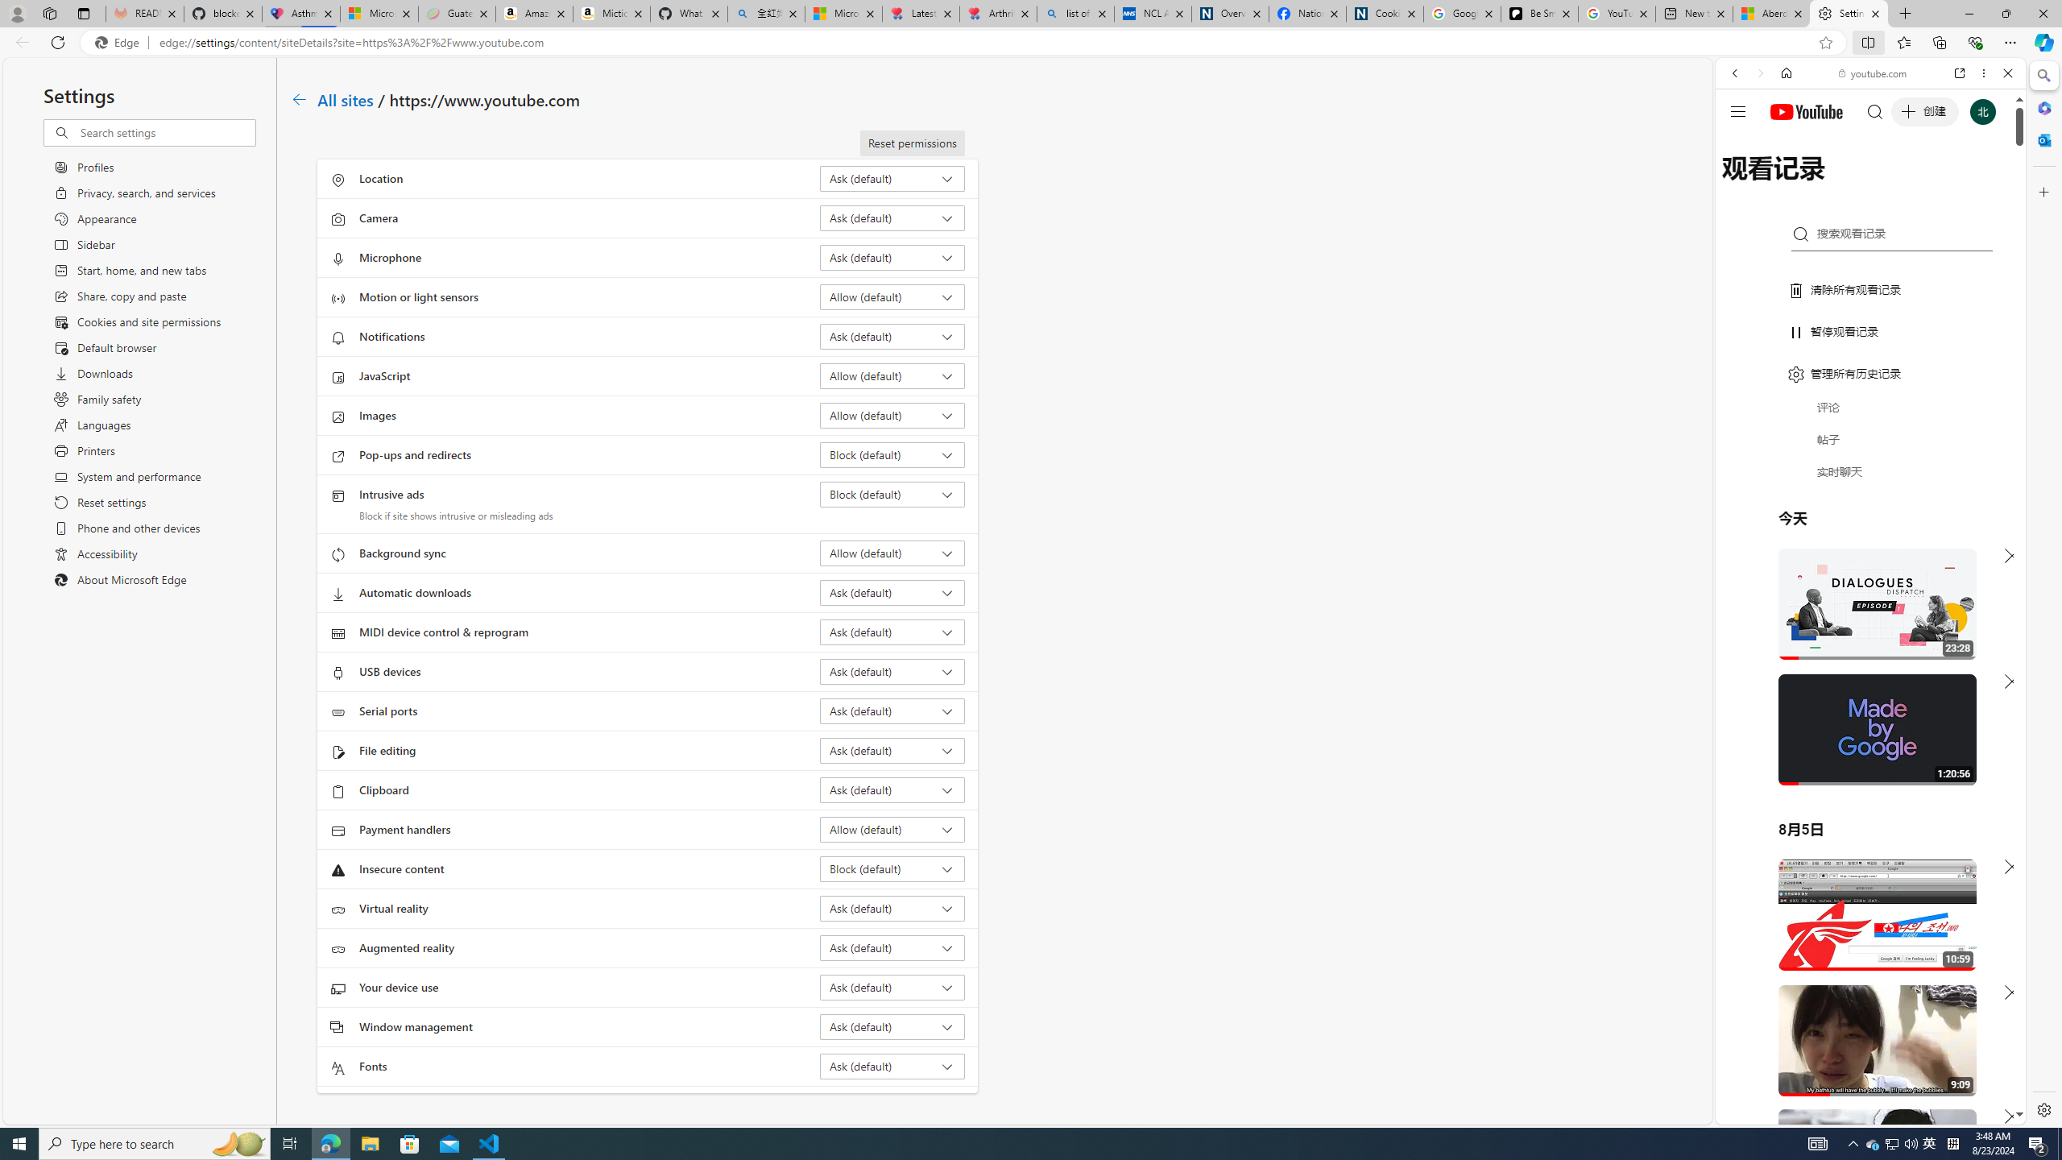 This screenshot has width=2062, height=1160. What do you see at coordinates (1872, 73) in the screenshot?
I see `'youtube.com'` at bounding box center [1872, 73].